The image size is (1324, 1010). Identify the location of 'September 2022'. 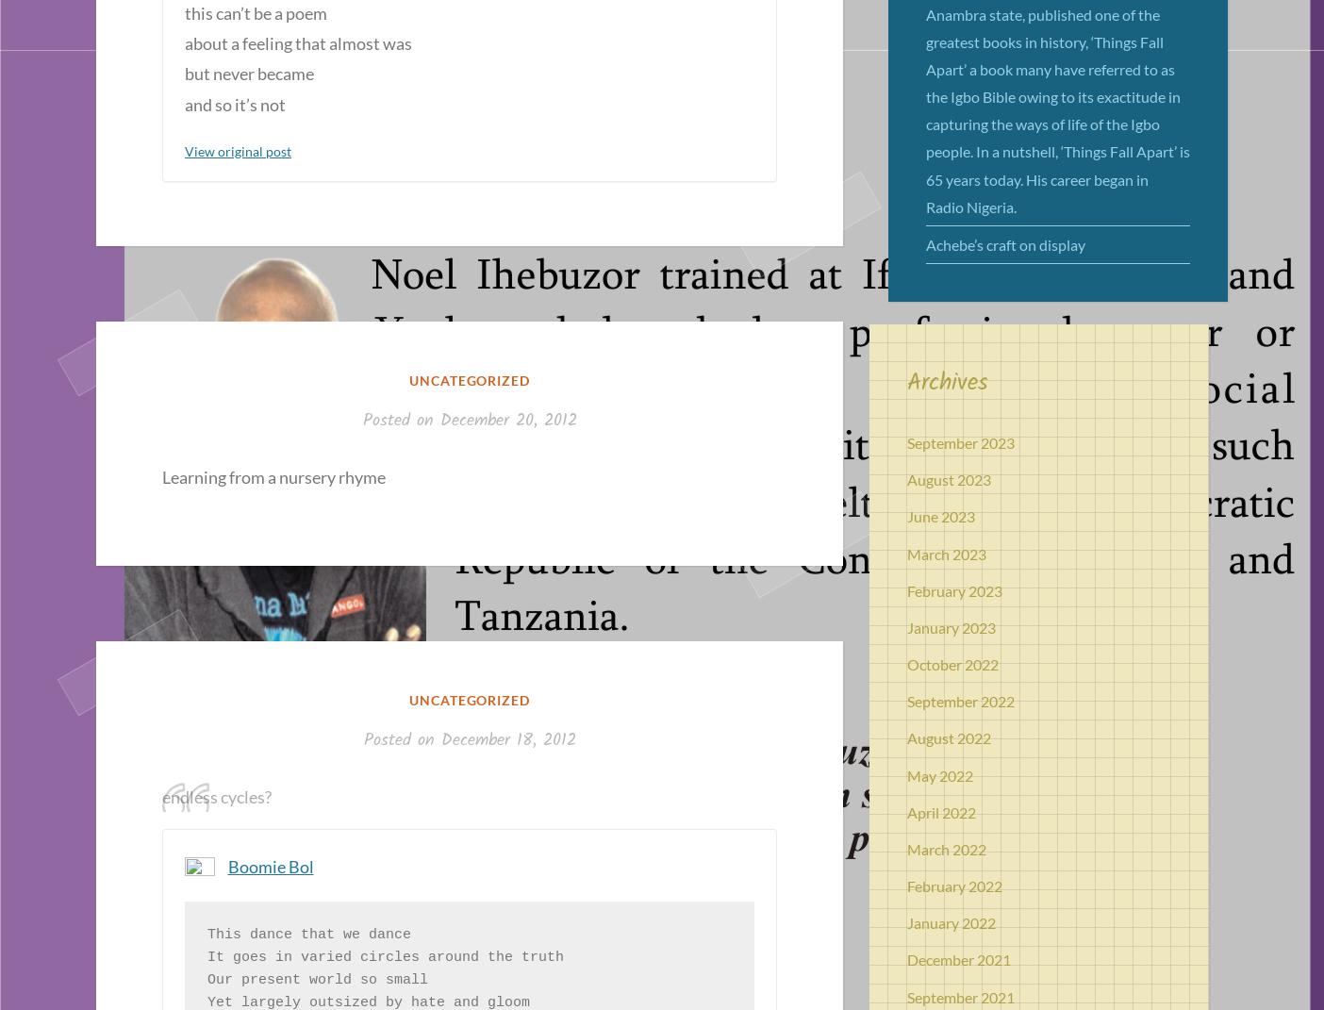
(907, 701).